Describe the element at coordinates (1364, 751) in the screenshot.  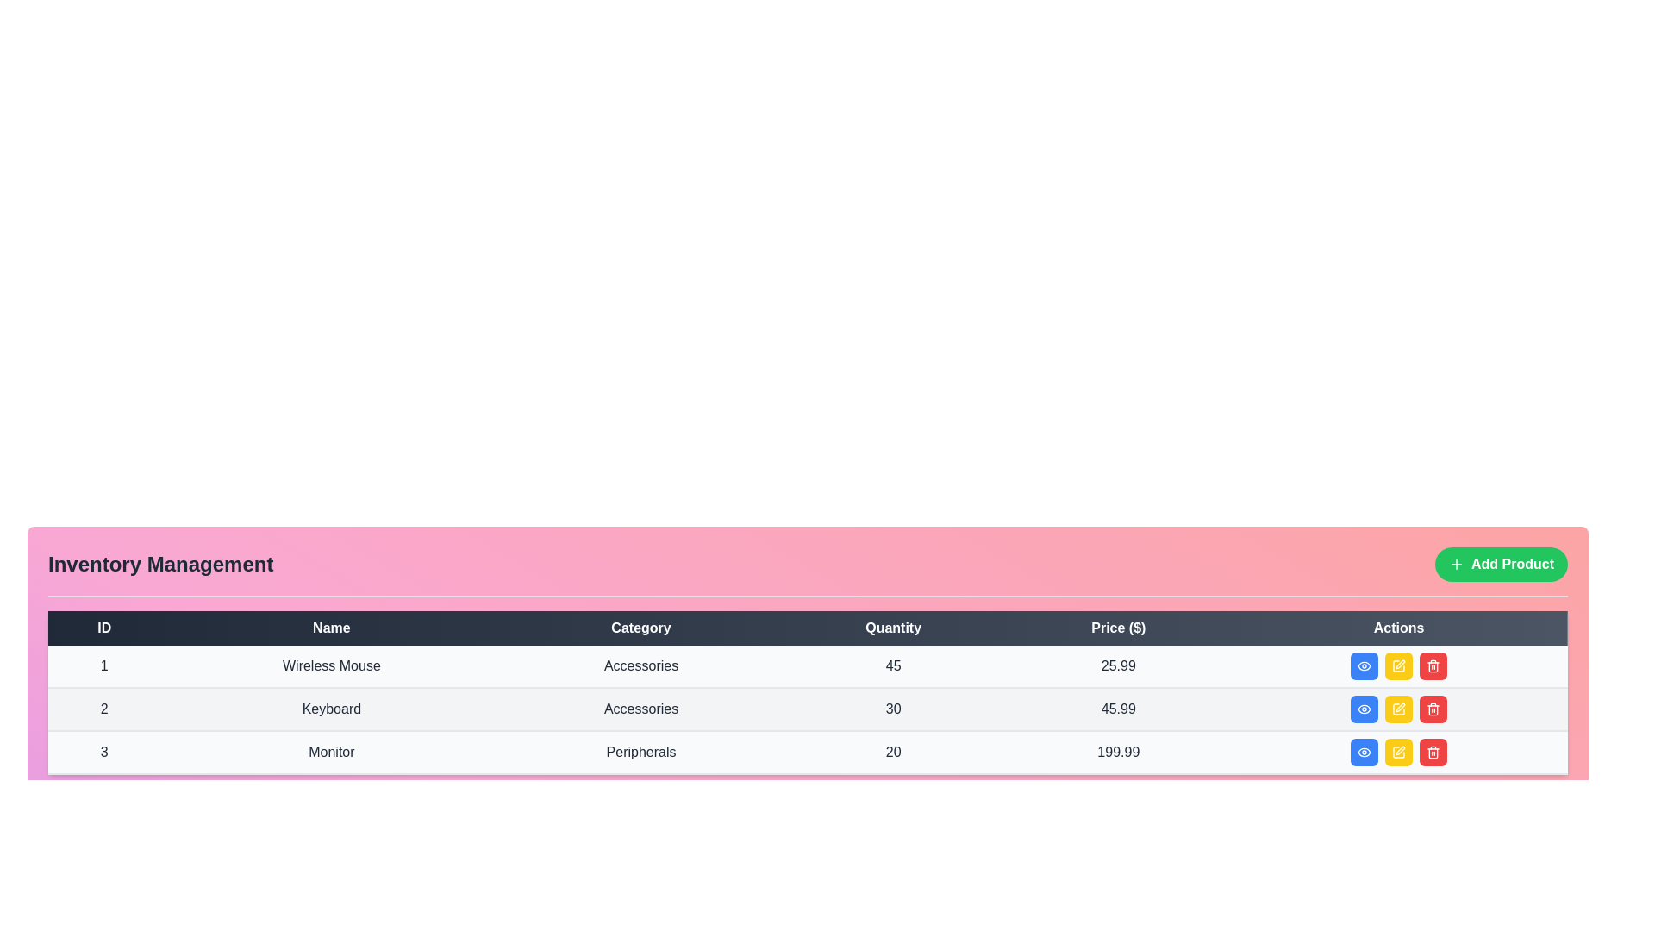
I see `the eye-shaped icon button with a blue circular background located in the third row of the 'Actions' column` at that location.